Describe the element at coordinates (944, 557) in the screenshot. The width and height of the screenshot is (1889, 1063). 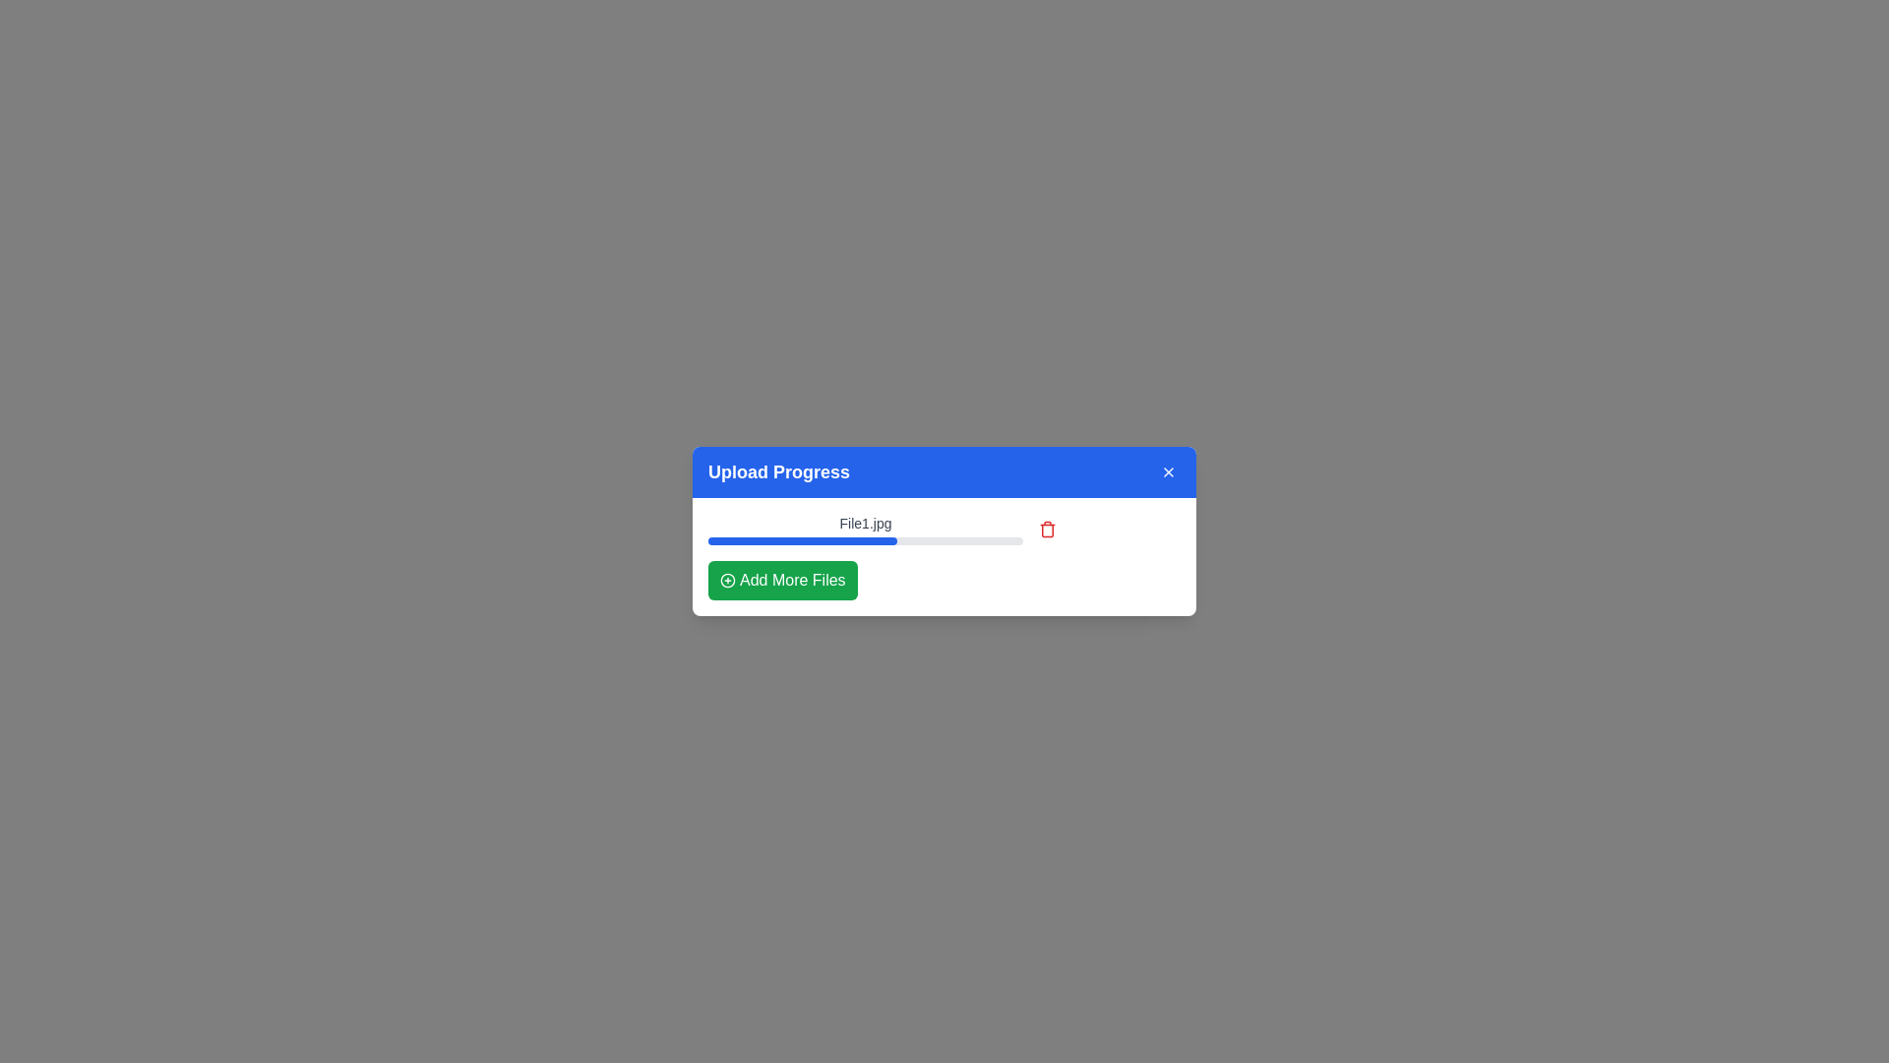
I see `the progress bar in the 'Upload Progress' modal` at that location.